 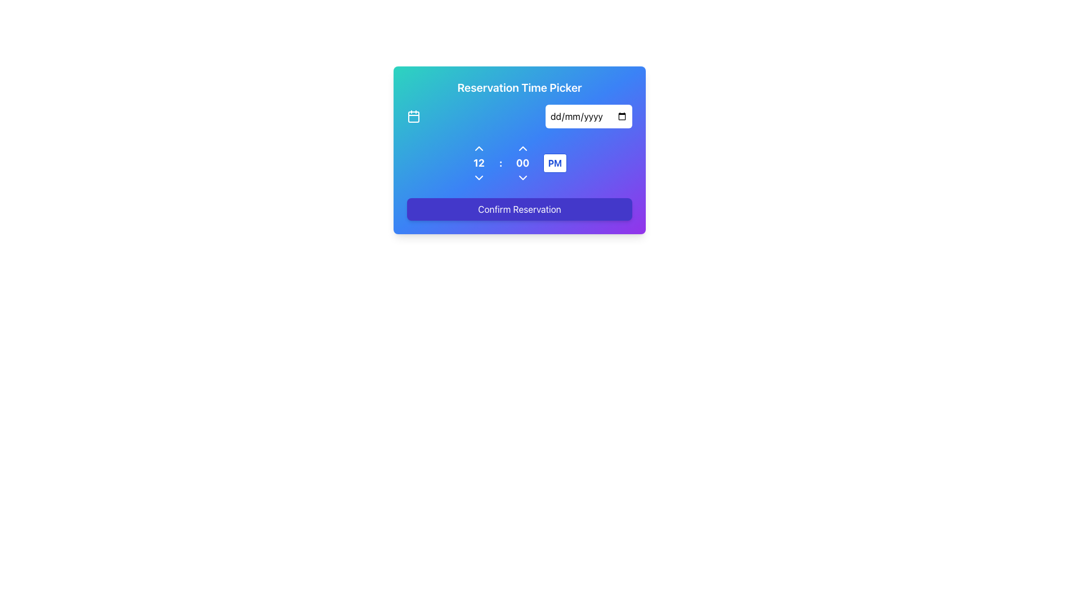 I want to click on the PM toggle button in the time-selection interface, located to the right of the hour and minute display '12:00', so click(x=555, y=163).